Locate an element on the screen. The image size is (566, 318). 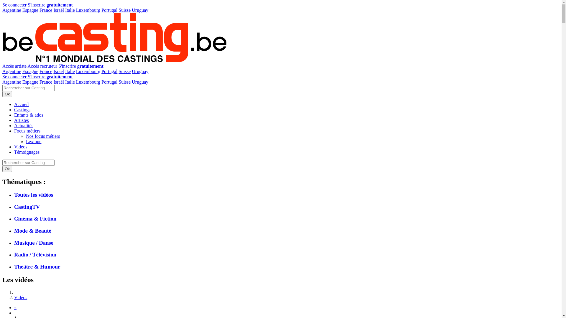
'Enfants & ados' is located at coordinates (28, 115).